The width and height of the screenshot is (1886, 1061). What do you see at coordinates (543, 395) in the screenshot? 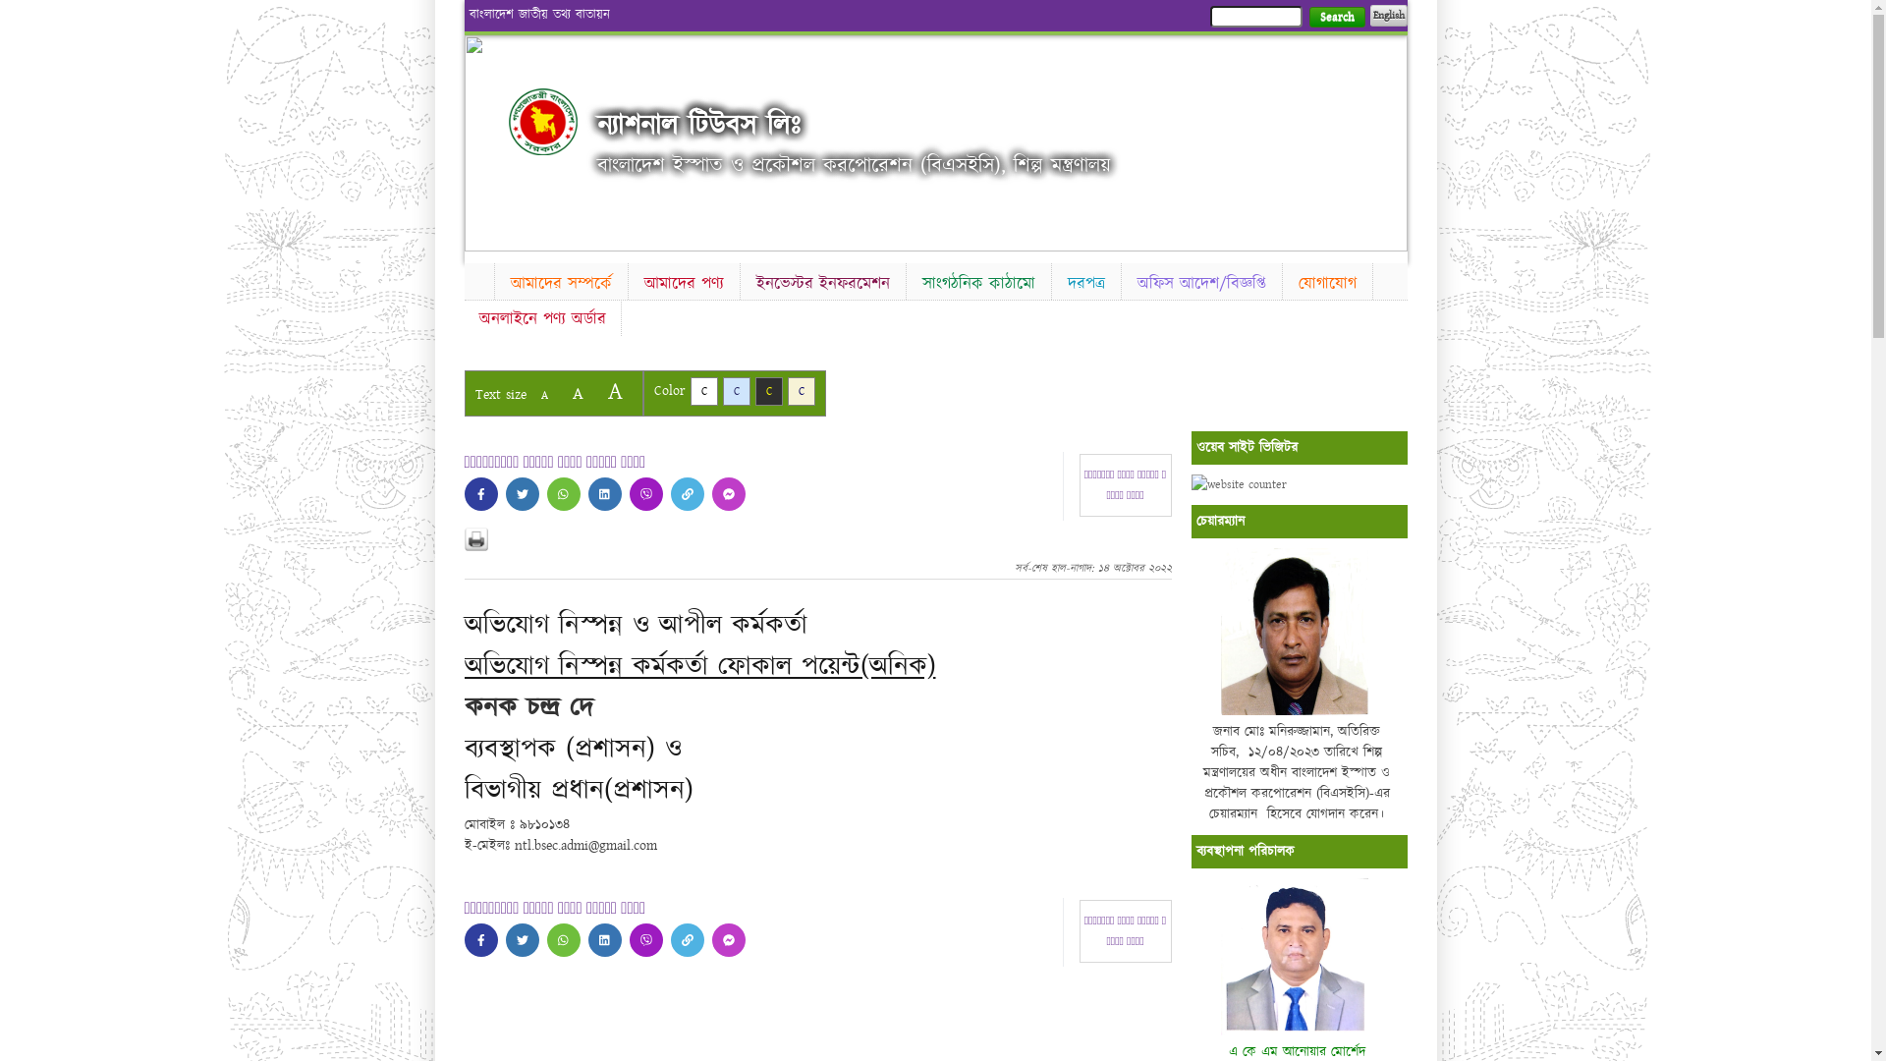
I see `'A'` at bounding box center [543, 395].